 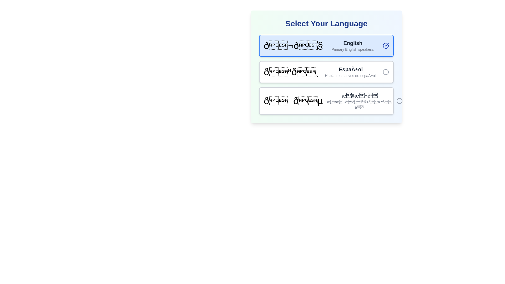 What do you see at coordinates (351, 69) in the screenshot?
I see `text of the Spanish language option label in the language selection menu, which is positioned at the top of the list of options` at bounding box center [351, 69].